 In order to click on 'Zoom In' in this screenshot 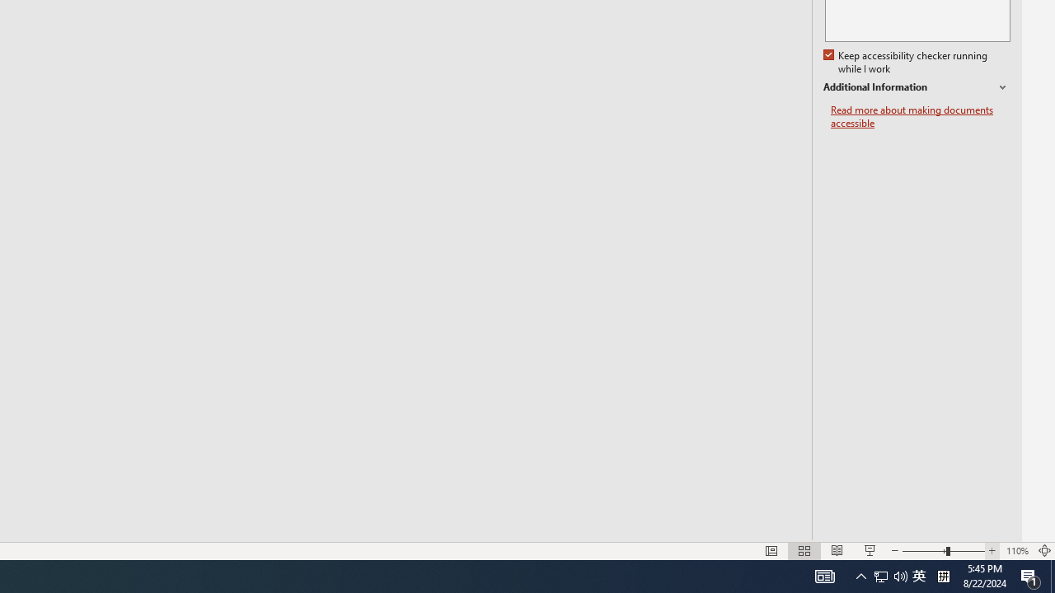, I will do `click(992, 551)`.